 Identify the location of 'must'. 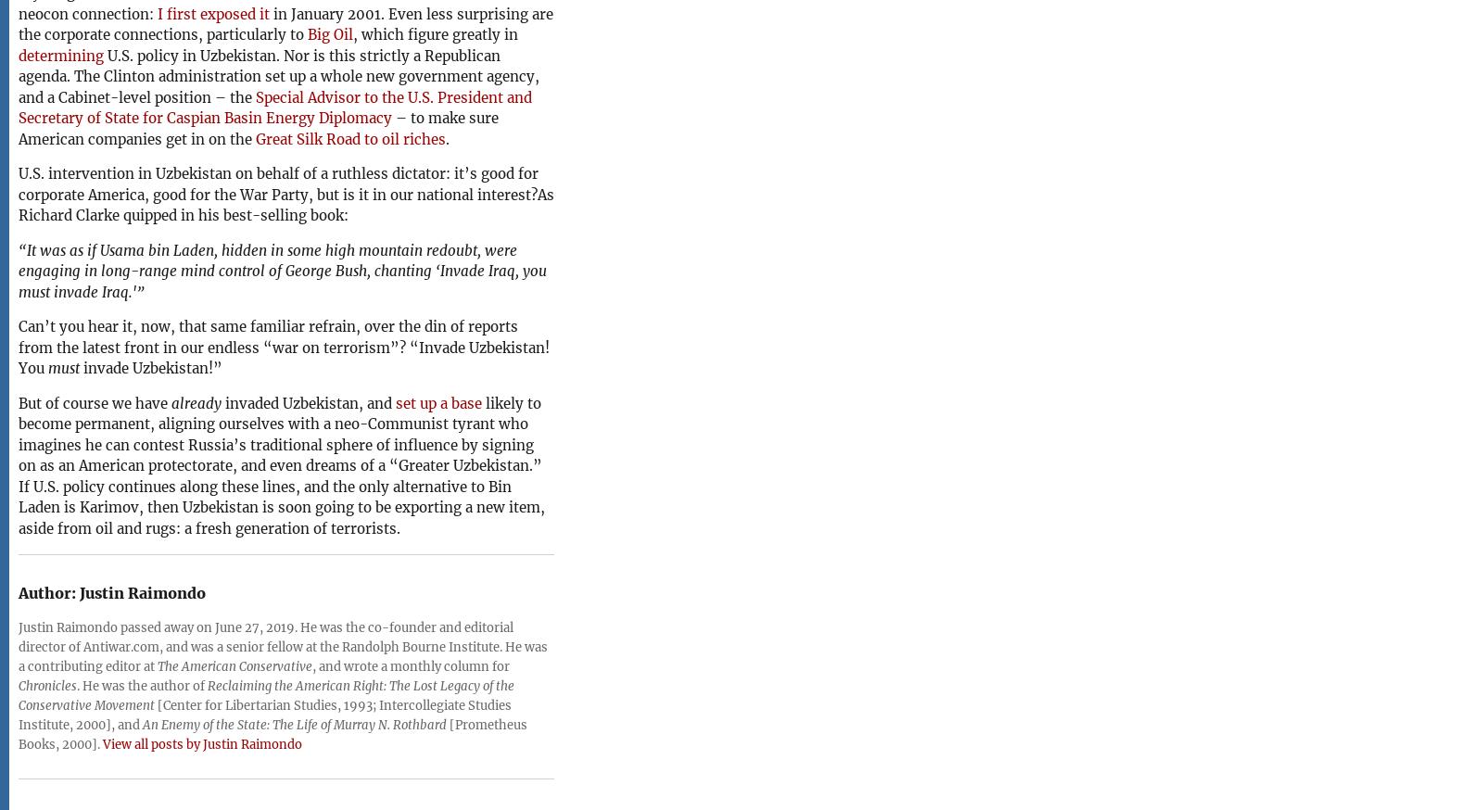
(47, 368).